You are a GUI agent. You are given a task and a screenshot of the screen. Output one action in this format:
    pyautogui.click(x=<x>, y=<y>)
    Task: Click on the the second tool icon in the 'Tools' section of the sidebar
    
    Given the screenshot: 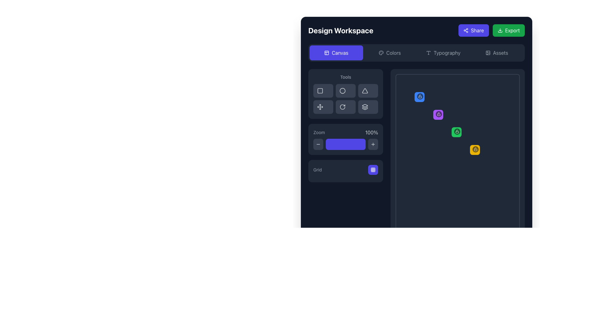 What is the action you would take?
    pyautogui.click(x=342, y=91)
    